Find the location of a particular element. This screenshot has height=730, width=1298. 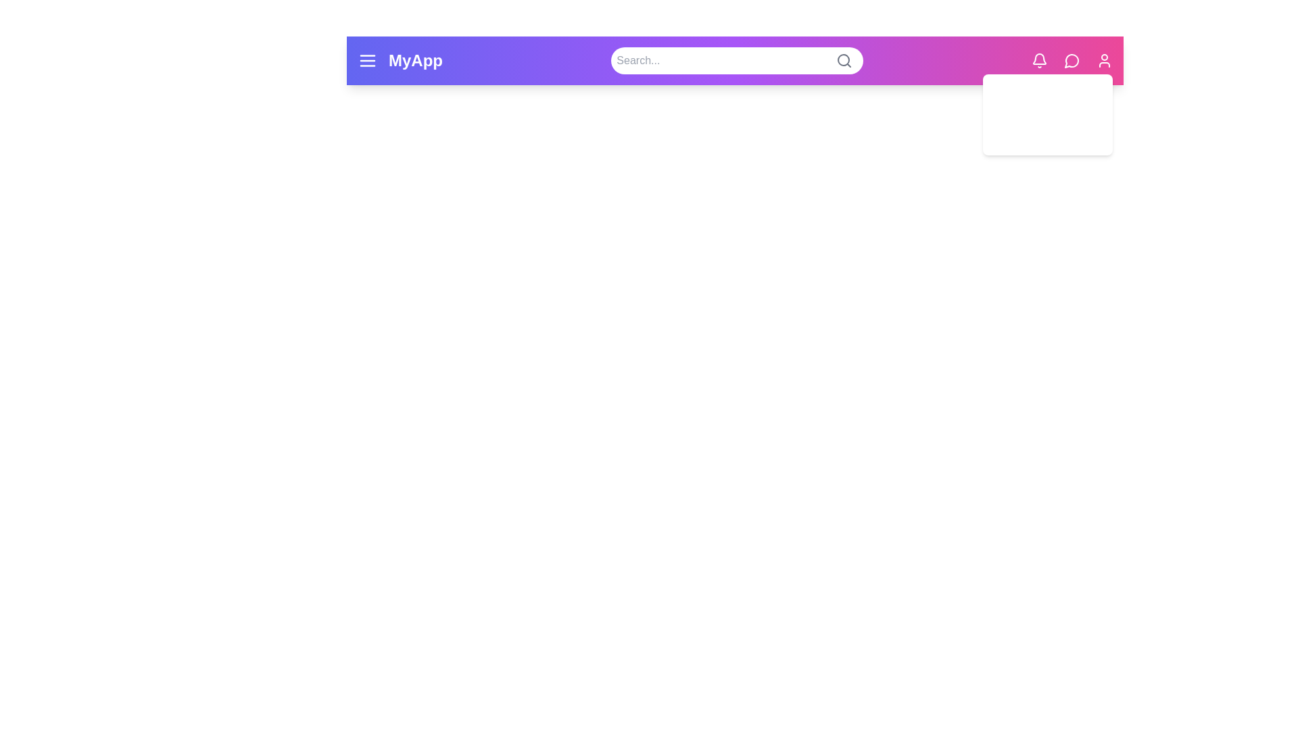

the bell icon to view notifications is located at coordinates (1038, 59).